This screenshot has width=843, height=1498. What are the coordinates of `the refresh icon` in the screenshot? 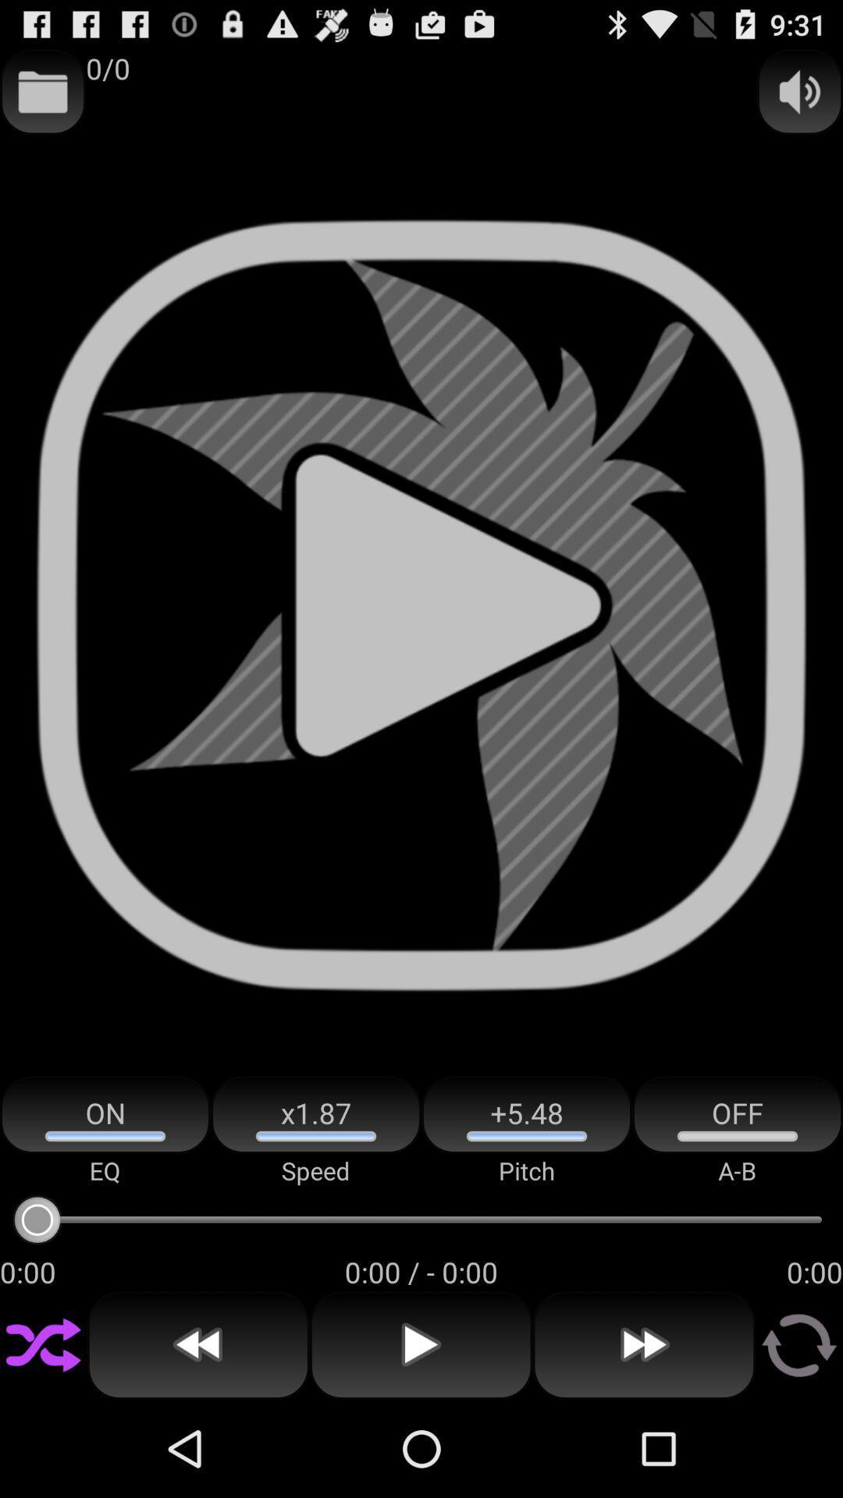 It's located at (799, 1439).